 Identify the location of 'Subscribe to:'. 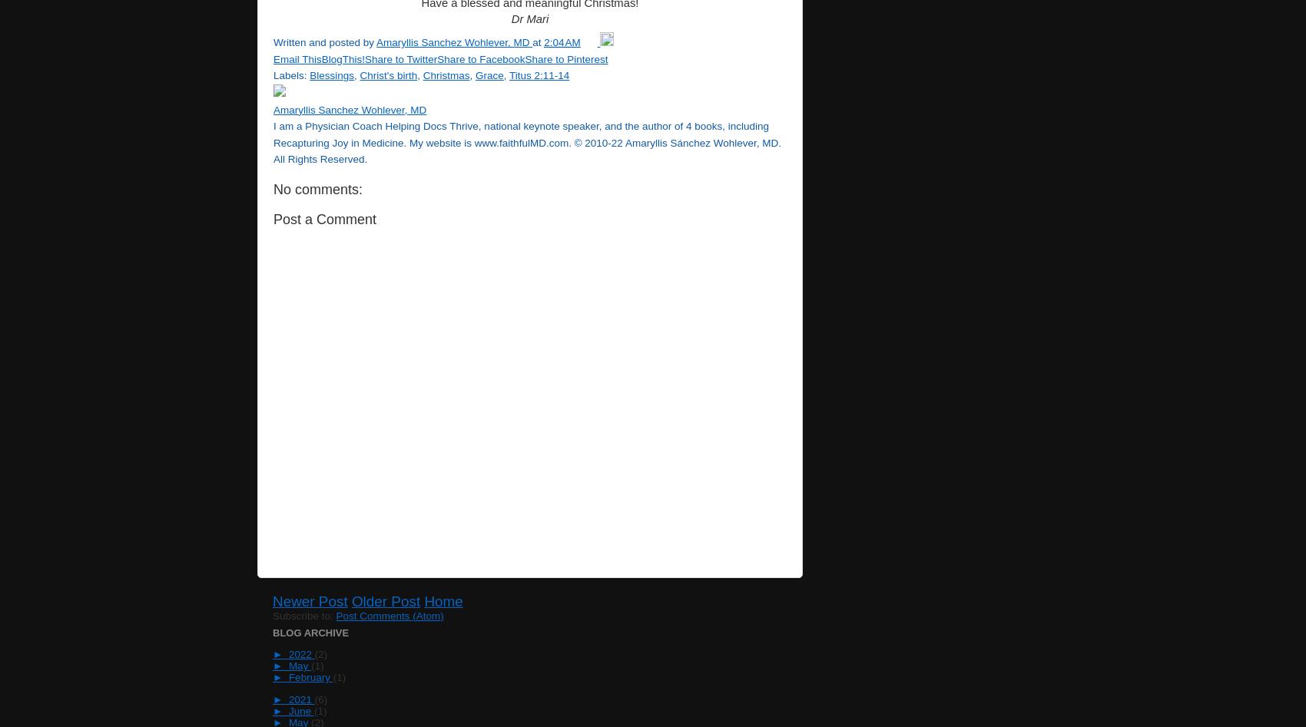
(303, 616).